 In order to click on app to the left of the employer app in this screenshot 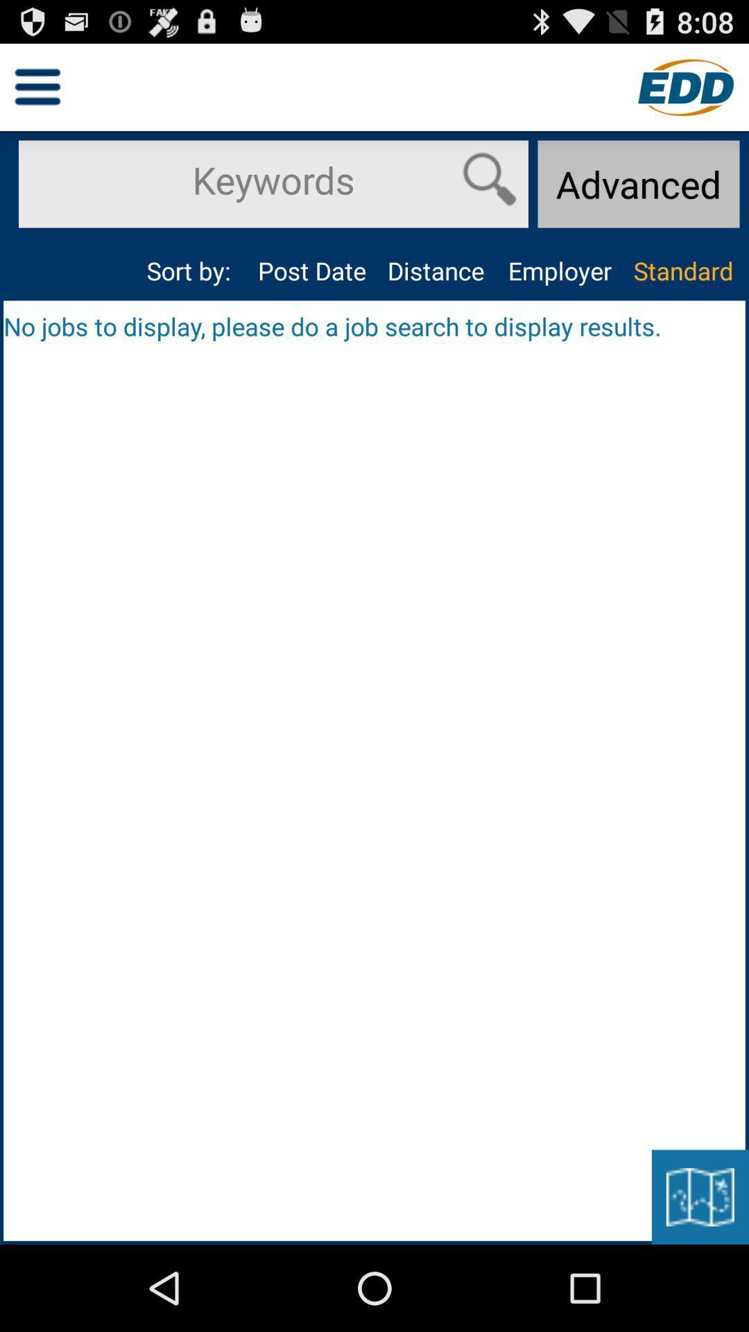, I will do `click(435, 271)`.